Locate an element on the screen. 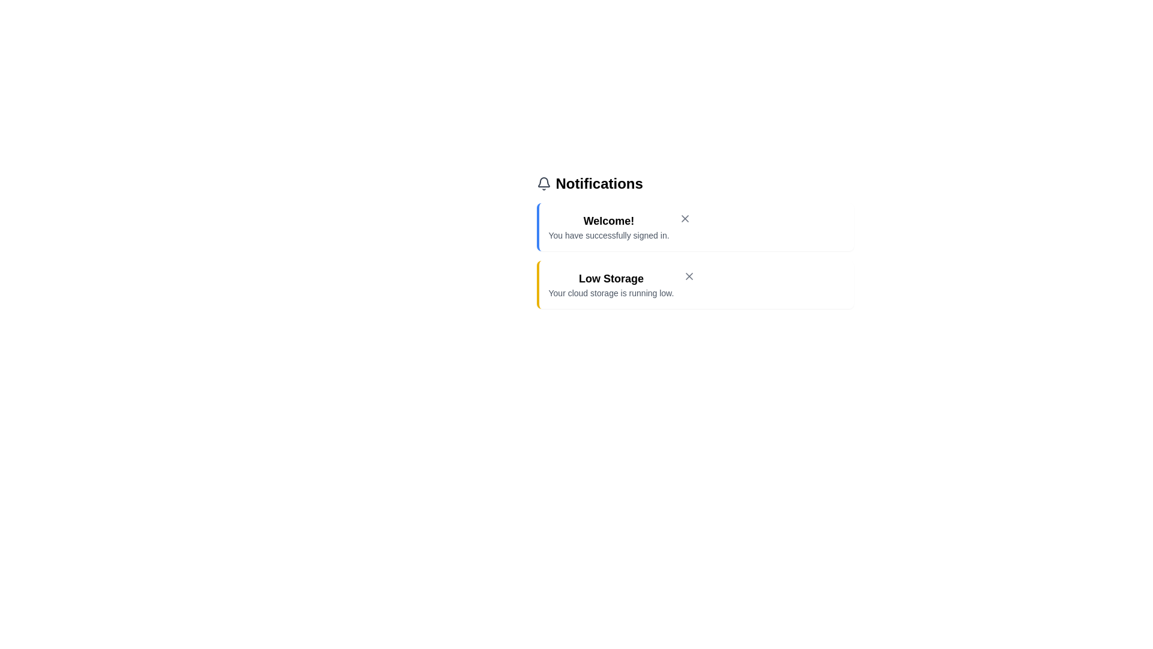 This screenshot has width=1153, height=649. text notification that displays 'Low Storage' in bold, indicating that the cloud storage is running low, which is centrally located in a yellow-bordered box under the 'Notifications' section is located at coordinates (611, 285).